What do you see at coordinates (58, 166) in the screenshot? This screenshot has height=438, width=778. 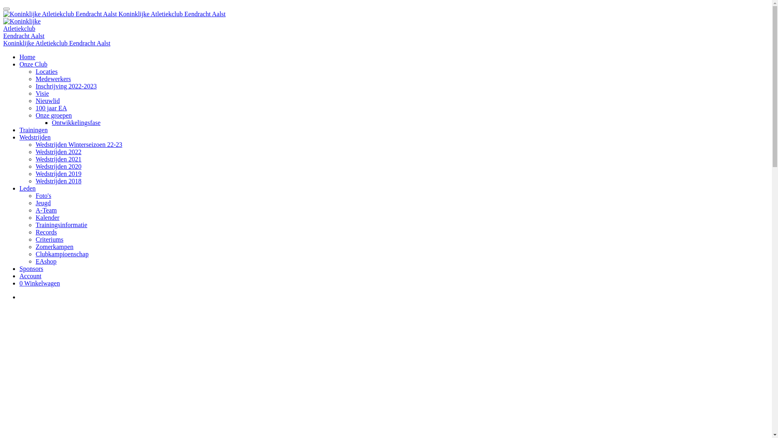 I see `'Wedstrijden 2020'` at bounding box center [58, 166].